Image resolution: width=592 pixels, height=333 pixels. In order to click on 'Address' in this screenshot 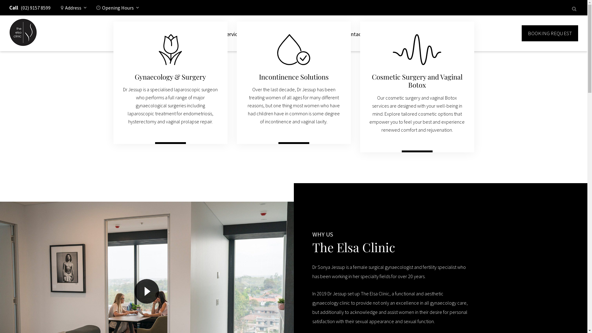, I will do `click(73, 9)`.